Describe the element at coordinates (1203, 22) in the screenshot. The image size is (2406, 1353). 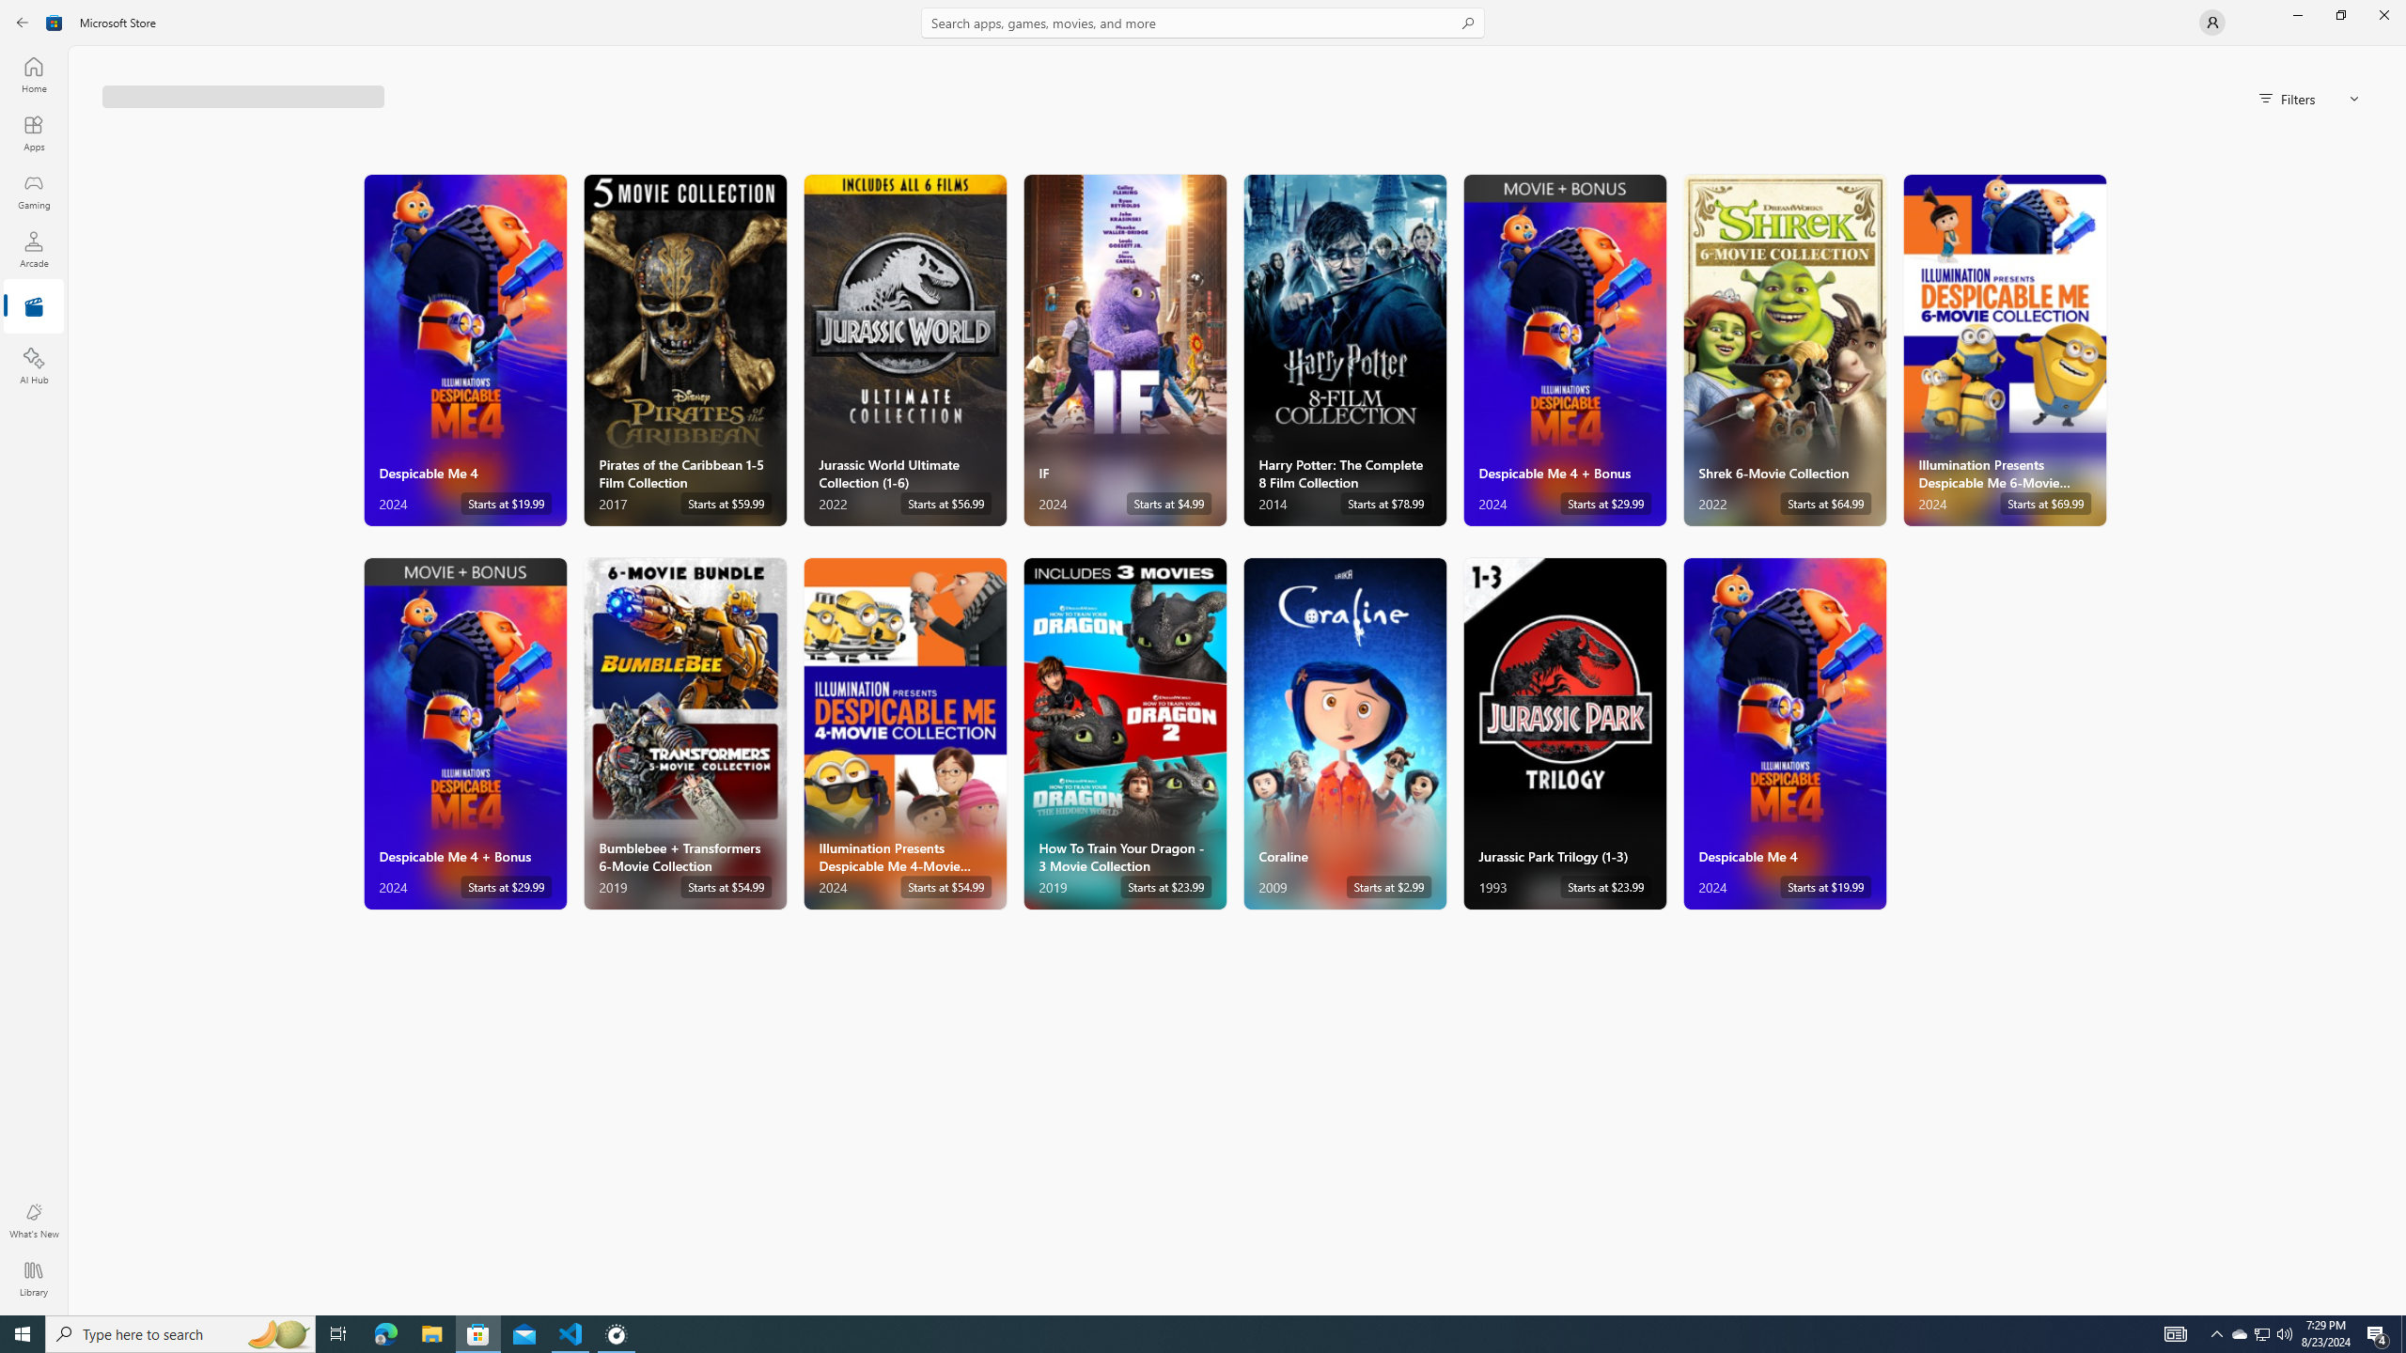
I see `'Search'` at that location.